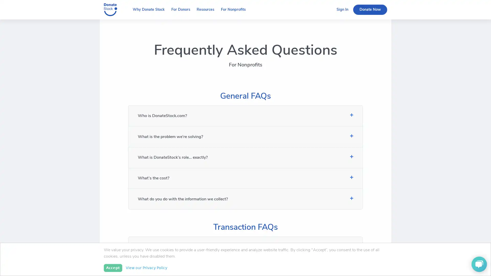  What do you see at coordinates (245, 247) in the screenshot?
I see `How are donations submitted?` at bounding box center [245, 247].